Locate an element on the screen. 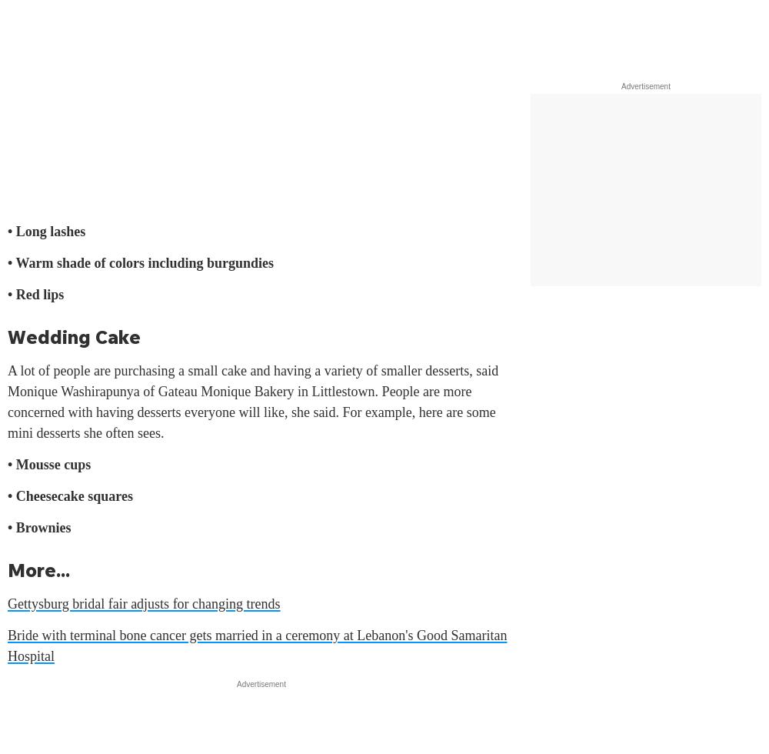 Image resolution: width=769 pixels, height=754 pixels. '• Brownies' is located at coordinates (39, 528).